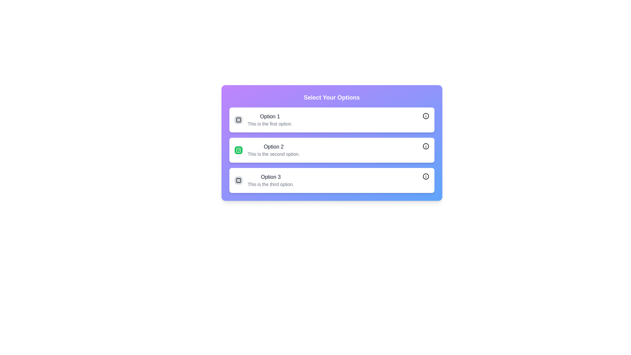  What do you see at coordinates (270, 177) in the screenshot?
I see `the label for the third option in the list, which identifies this specific item and is positioned below 'Option 2'` at bounding box center [270, 177].